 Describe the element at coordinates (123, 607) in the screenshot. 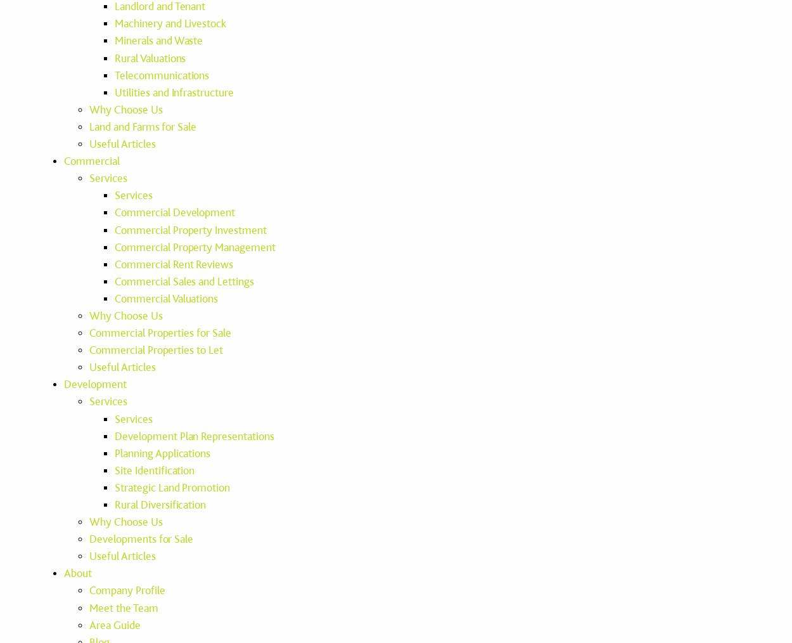

I see `'Meet the Team'` at that location.